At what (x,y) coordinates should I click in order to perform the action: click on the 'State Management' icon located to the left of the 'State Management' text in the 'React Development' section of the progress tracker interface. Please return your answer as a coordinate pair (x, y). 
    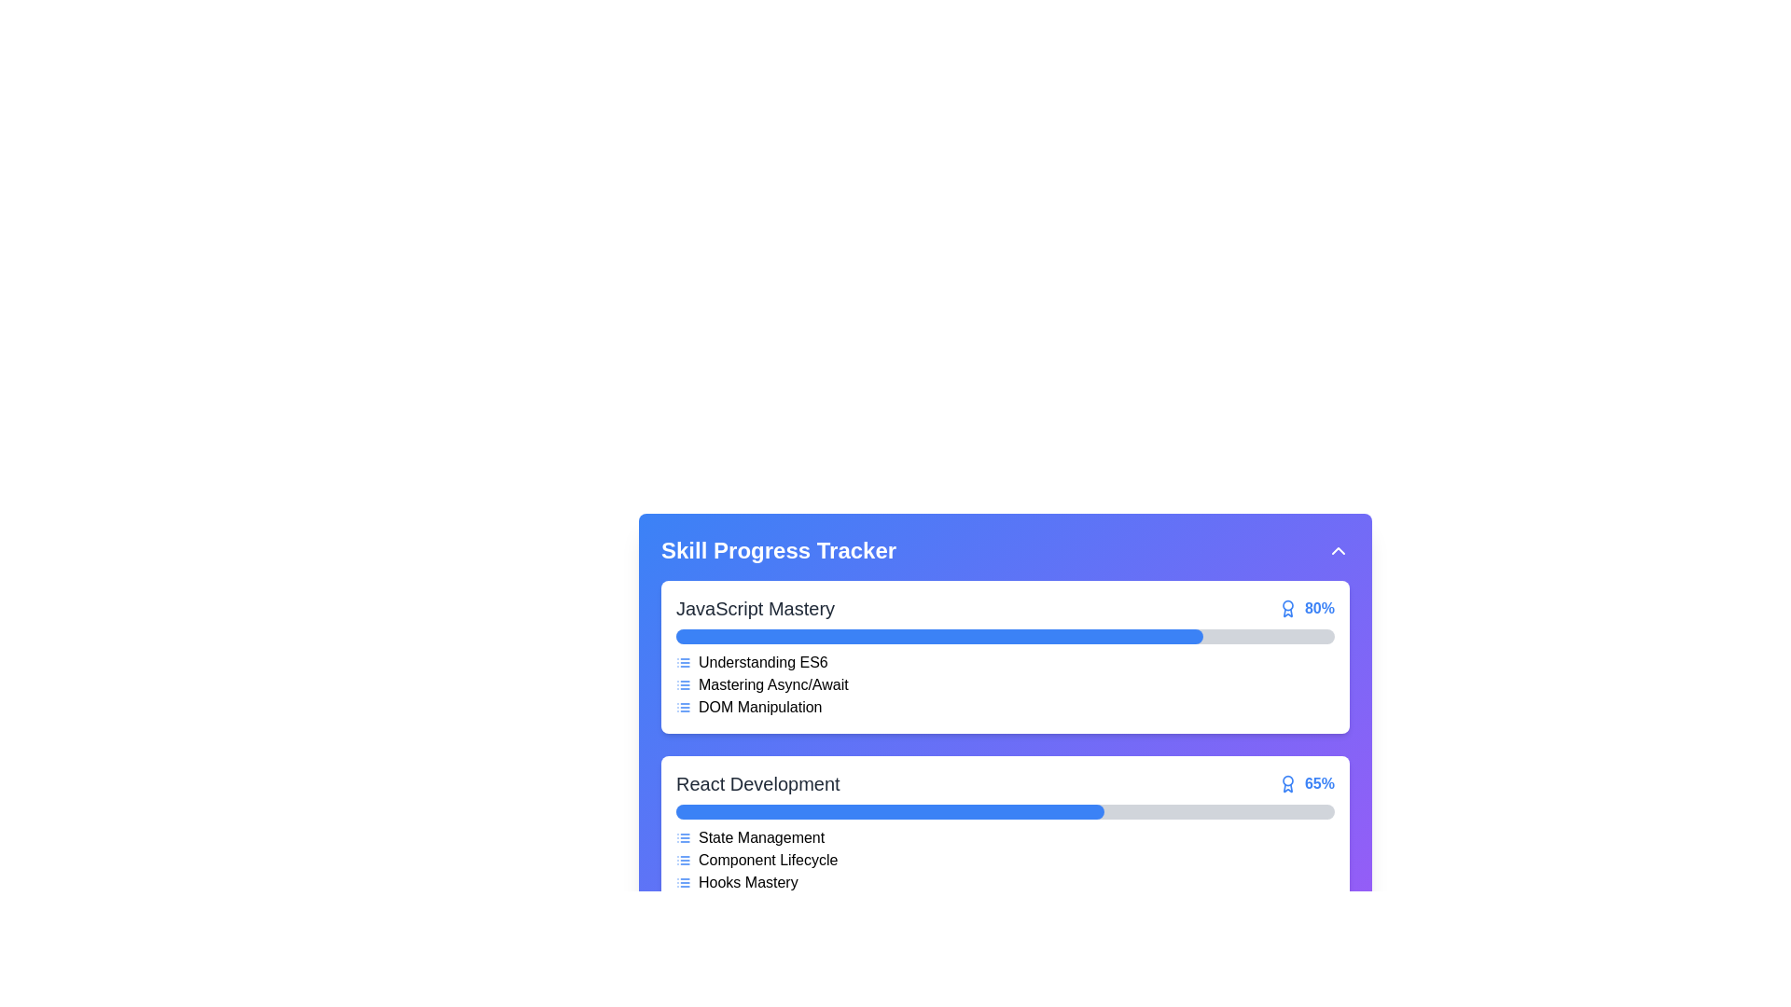
    Looking at the image, I should click on (683, 836).